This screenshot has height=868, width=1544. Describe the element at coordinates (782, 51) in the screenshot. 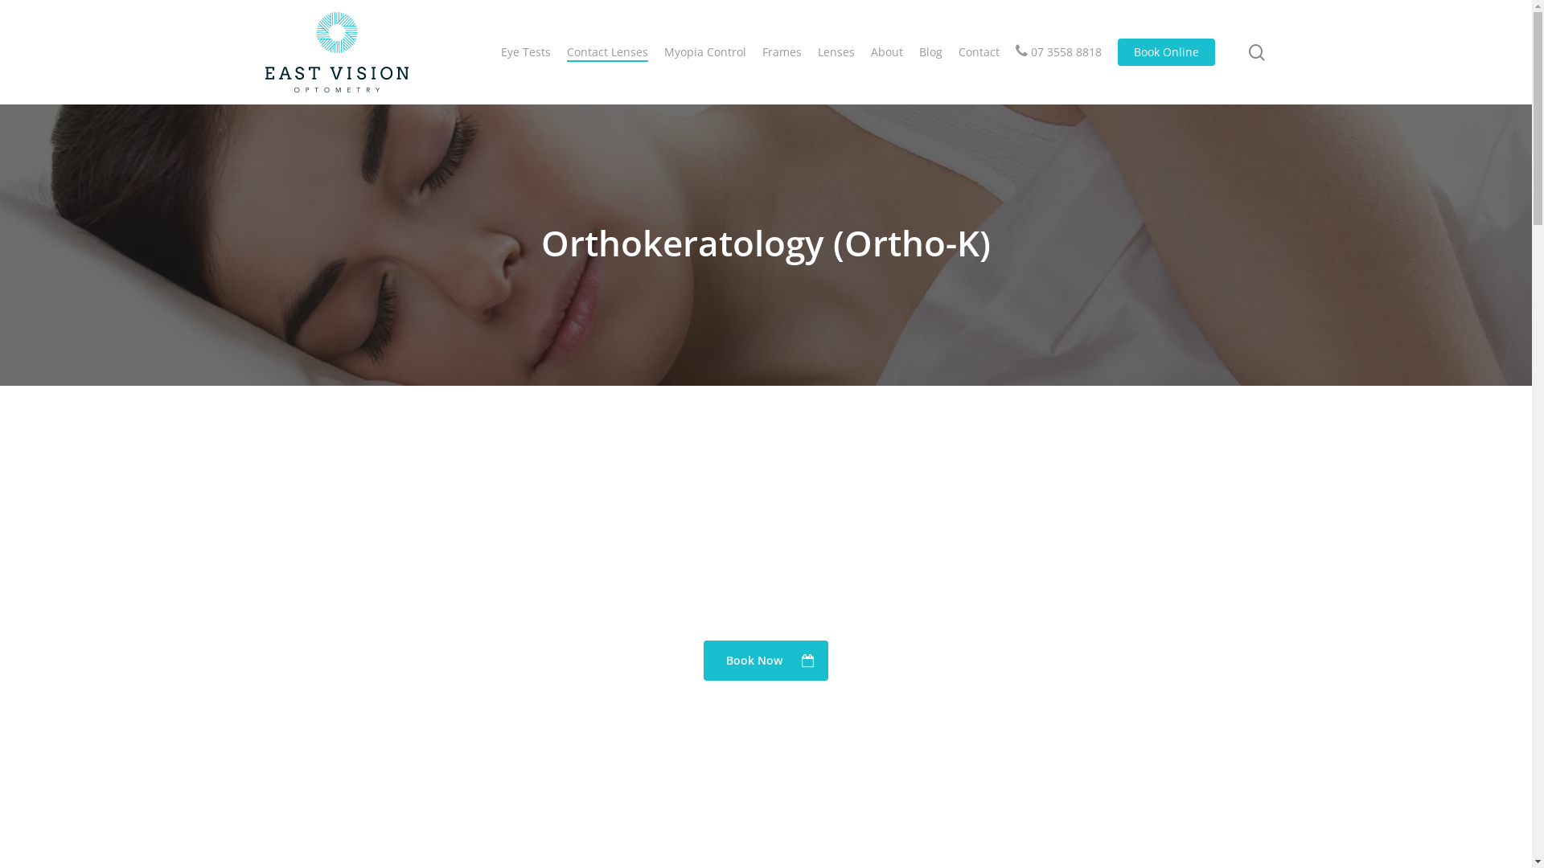

I see `'Frames'` at that location.